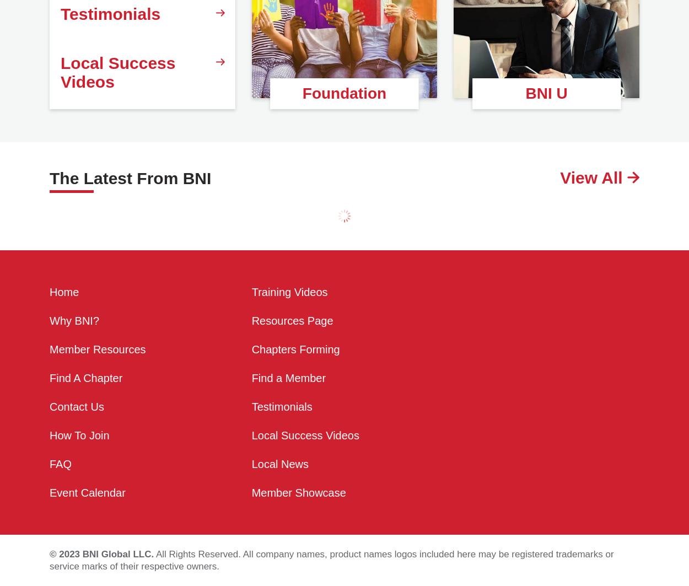  Describe the element at coordinates (201, 309) in the screenshot. I see `'Wed, 31 May 2023'` at that location.